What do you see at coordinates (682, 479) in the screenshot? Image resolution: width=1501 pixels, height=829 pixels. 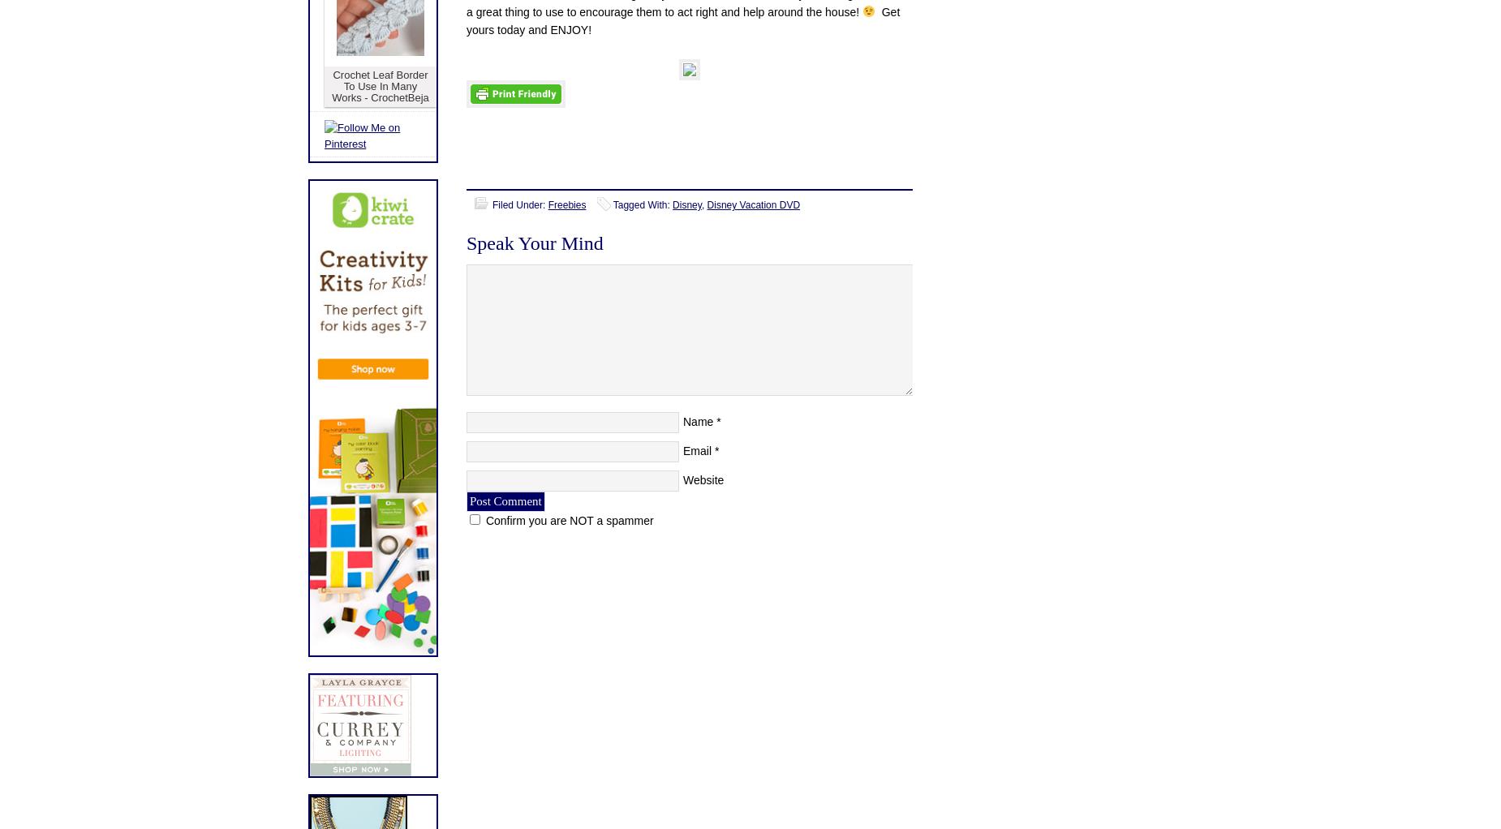 I see `'Website'` at bounding box center [682, 479].